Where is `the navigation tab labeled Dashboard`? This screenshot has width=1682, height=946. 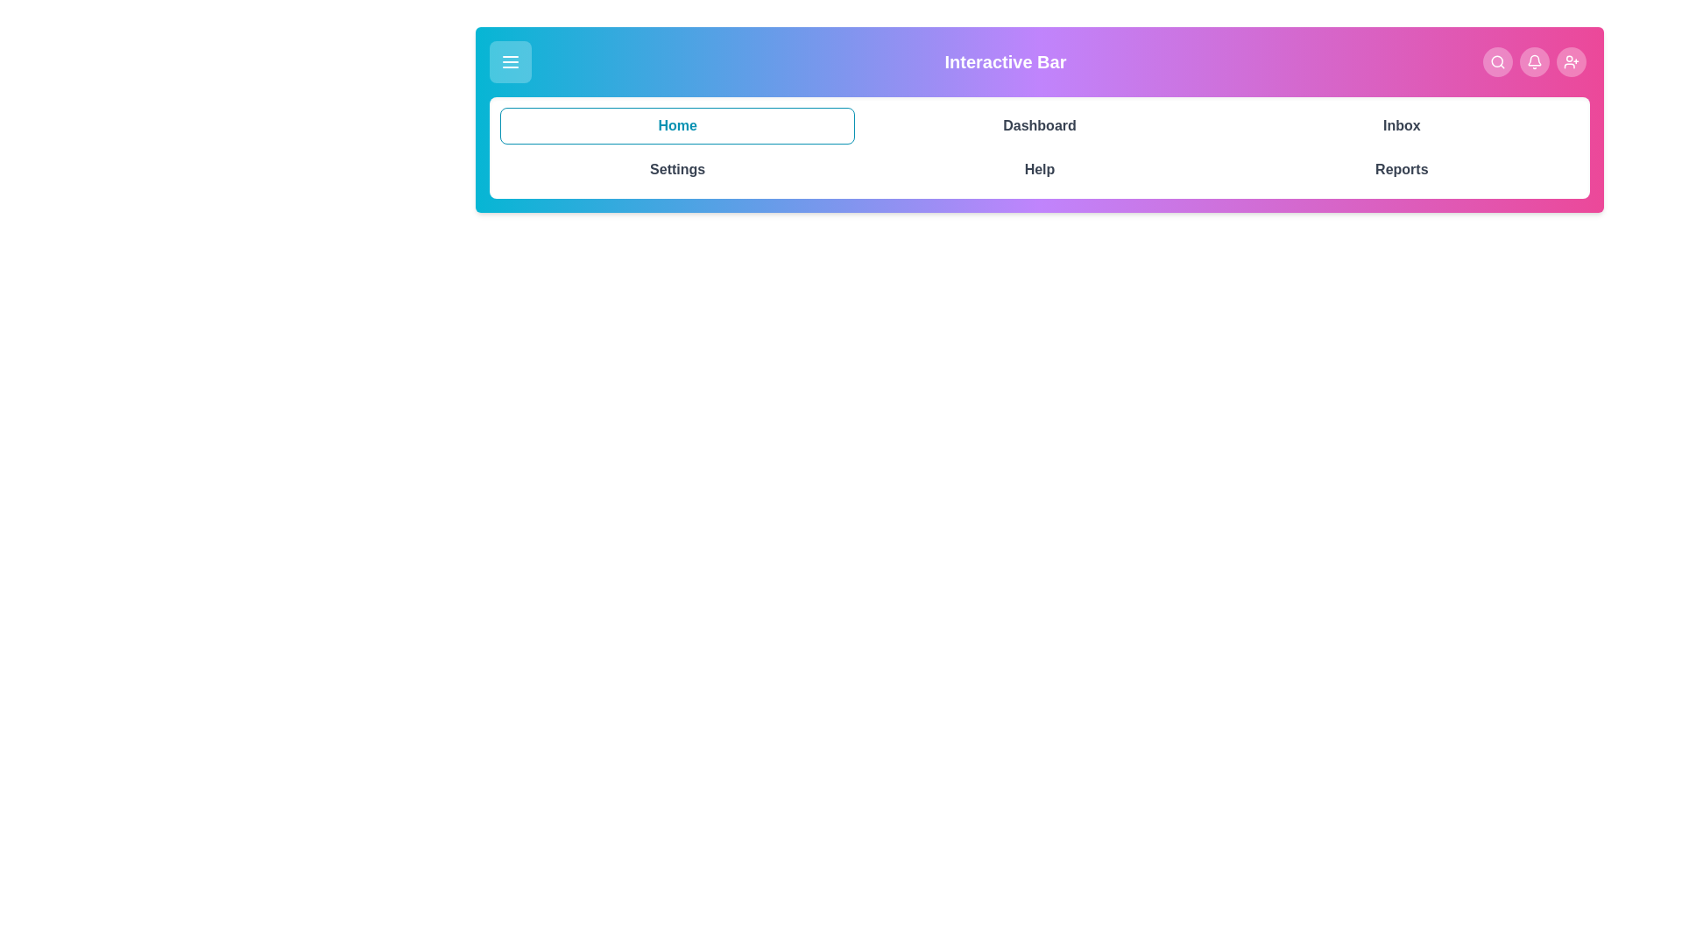 the navigation tab labeled Dashboard is located at coordinates (1039, 124).